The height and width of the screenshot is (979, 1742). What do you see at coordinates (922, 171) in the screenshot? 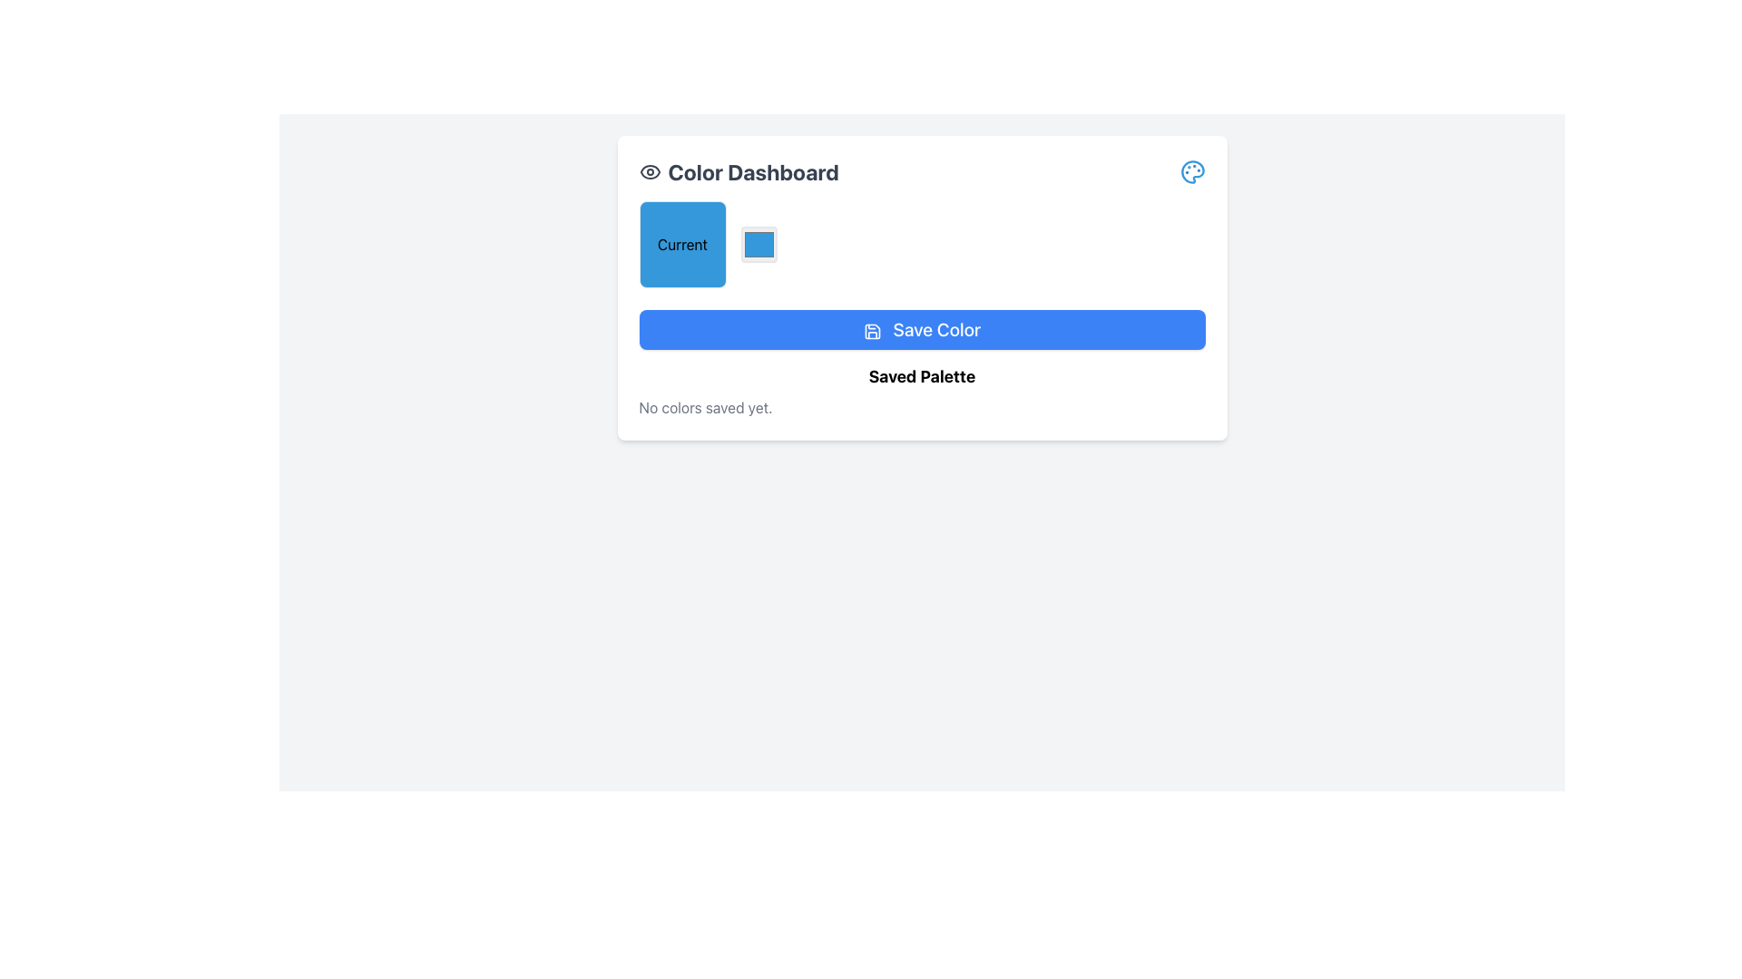
I see `the icons associated with the 'Color Dashboard' title, located at the top-left of the white card` at bounding box center [922, 171].